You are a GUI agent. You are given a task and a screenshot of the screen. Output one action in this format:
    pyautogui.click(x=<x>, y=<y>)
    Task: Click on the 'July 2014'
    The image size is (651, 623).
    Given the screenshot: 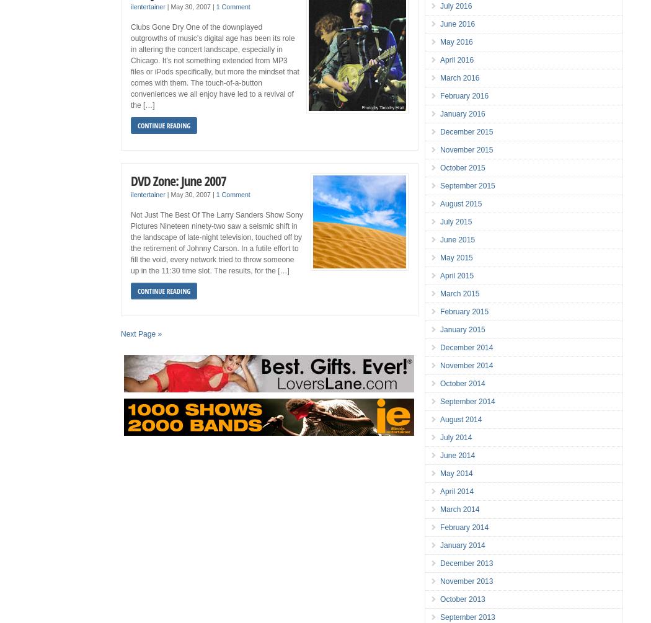 What is the action you would take?
    pyautogui.click(x=440, y=438)
    